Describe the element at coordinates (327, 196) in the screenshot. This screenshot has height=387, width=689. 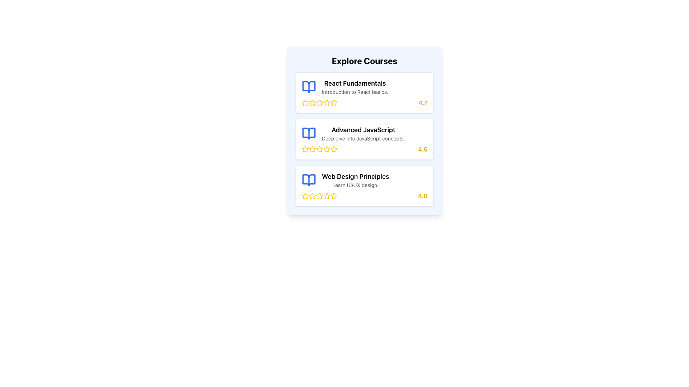
I see `the third star icon representing a rating value in the 'Web Design Principles' course card, located in the 'Explore Courses' section` at that location.